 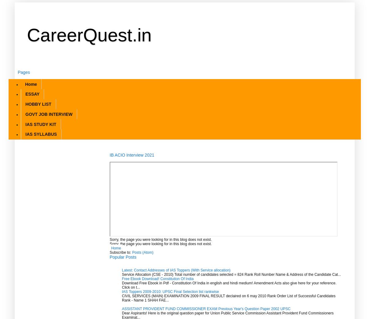 I want to click on 'IAS Toppers 2009-2010: UPSC Final Selection list rankwise', so click(x=170, y=291).